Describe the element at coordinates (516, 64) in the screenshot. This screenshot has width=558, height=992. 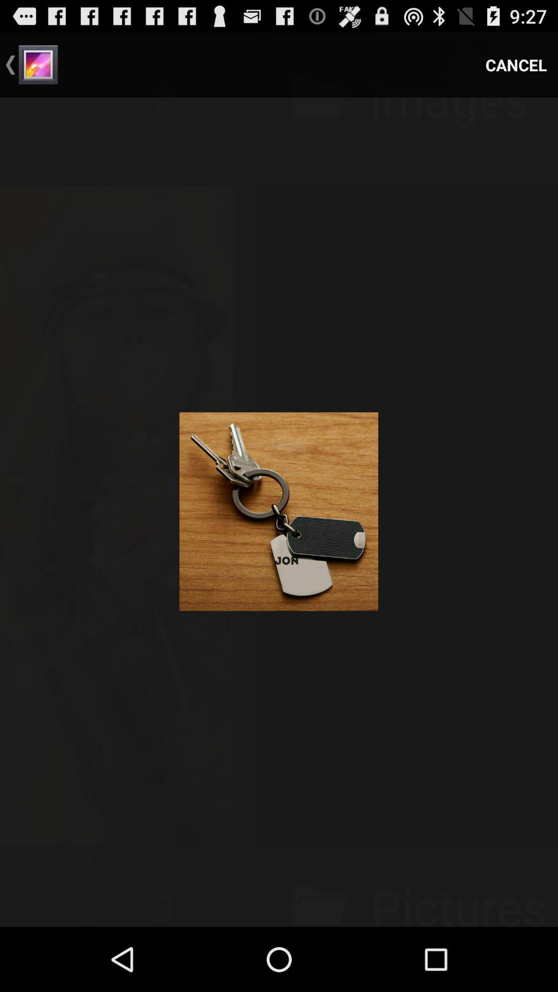
I see `cancel item` at that location.